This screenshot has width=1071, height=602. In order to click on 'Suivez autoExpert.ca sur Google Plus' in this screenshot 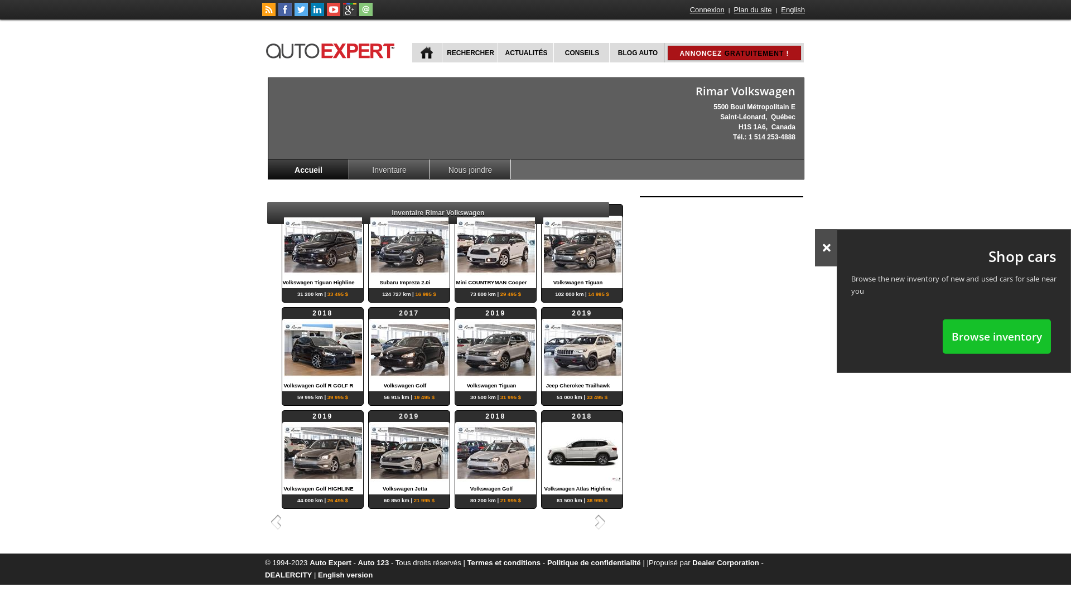, I will do `click(342, 13)`.